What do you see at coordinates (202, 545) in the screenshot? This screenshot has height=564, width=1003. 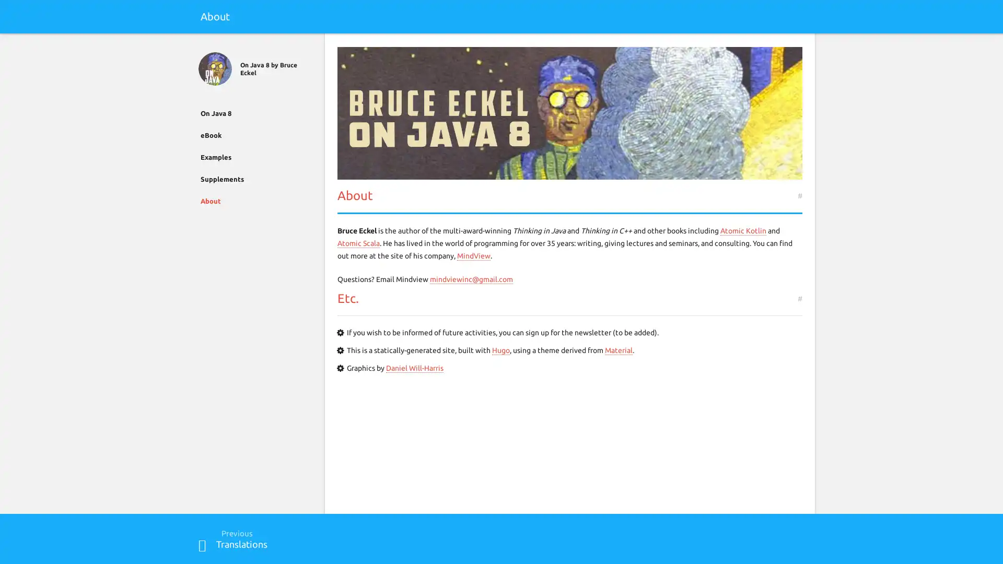 I see `Previous` at bounding box center [202, 545].